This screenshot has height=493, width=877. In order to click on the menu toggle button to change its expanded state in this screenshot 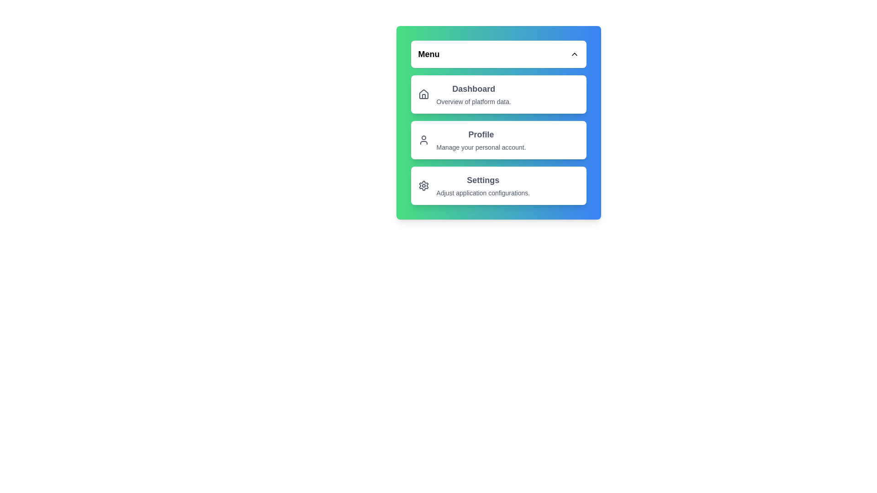, I will do `click(498, 54)`.